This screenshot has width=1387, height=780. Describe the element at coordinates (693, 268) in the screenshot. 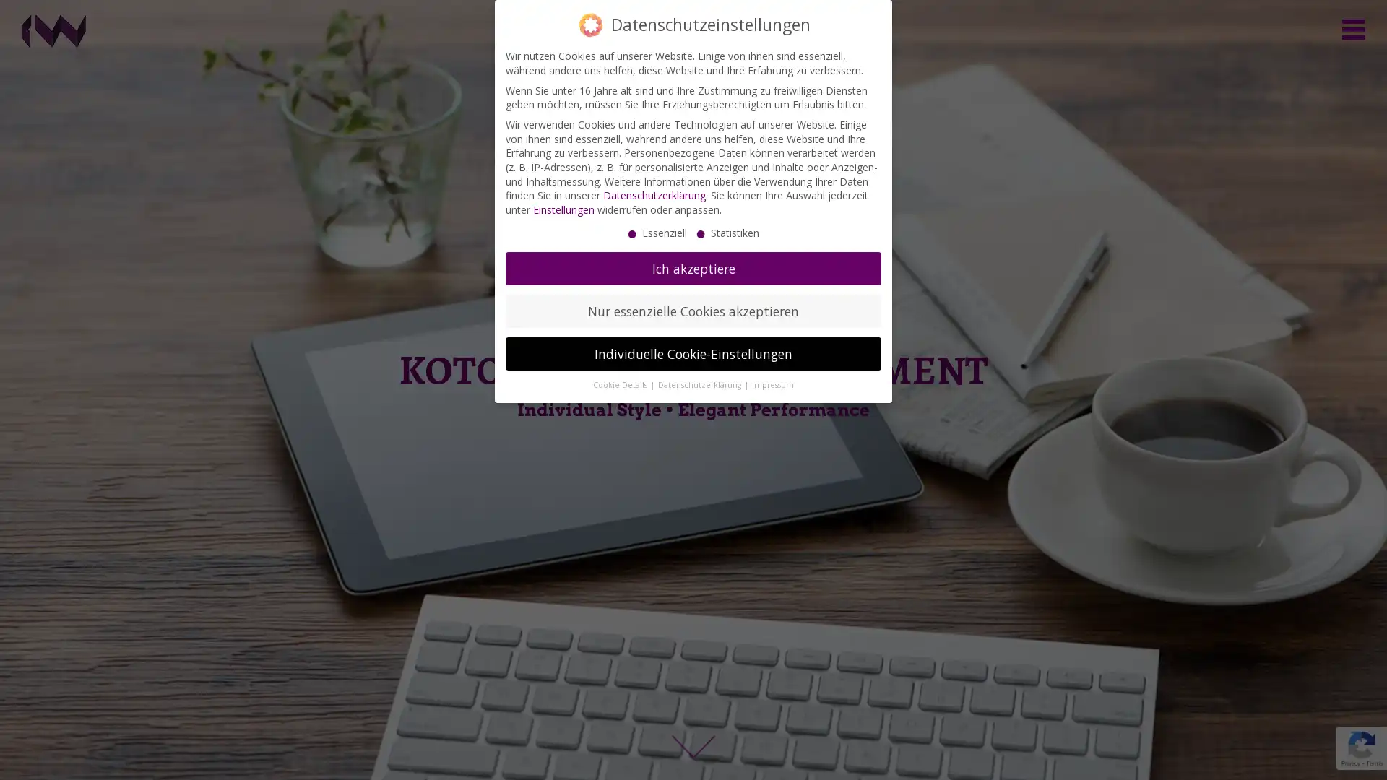

I see `Ich akzeptiere` at that location.